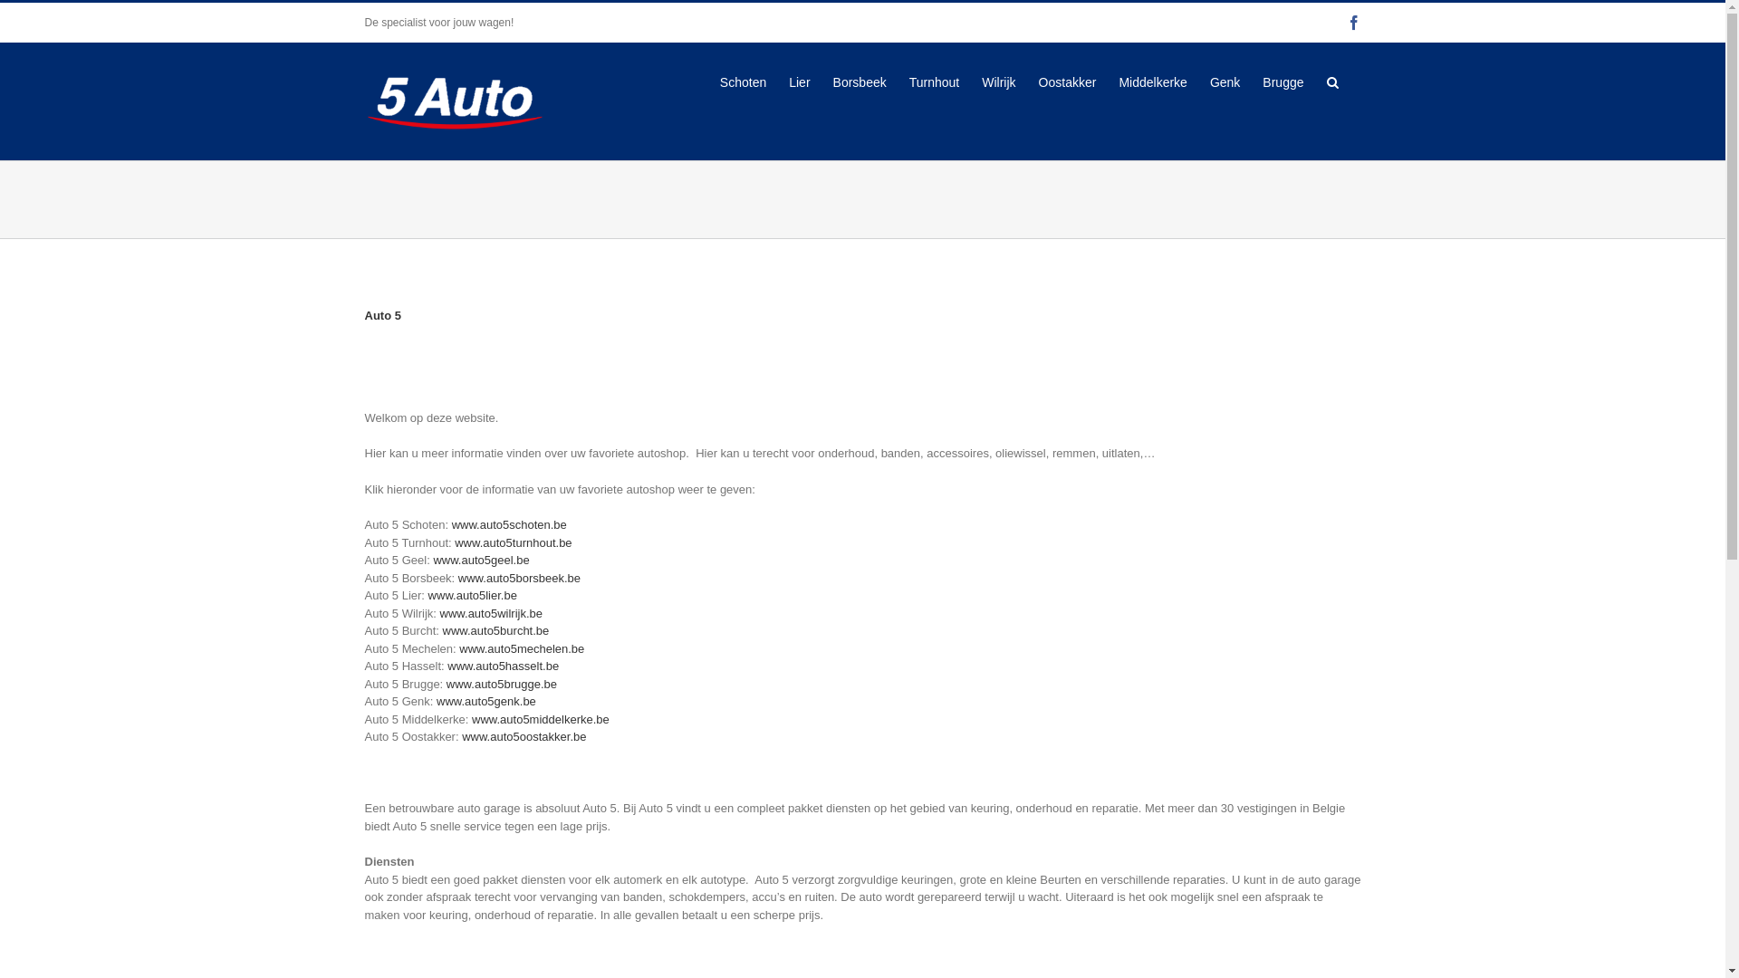 Image resolution: width=1739 pixels, height=978 pixels. What do you see at coordinates (491, 612) in the screenshot?
I see `'www.auto5wilrijk.be'` at bounding box center [491, 612].